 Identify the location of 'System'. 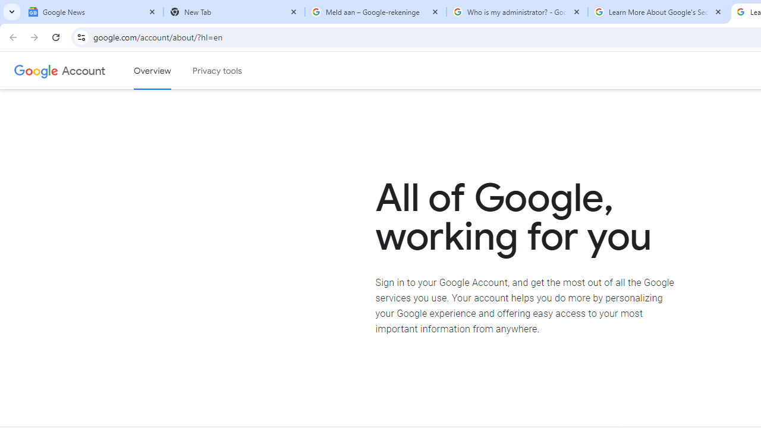
(6, 7).